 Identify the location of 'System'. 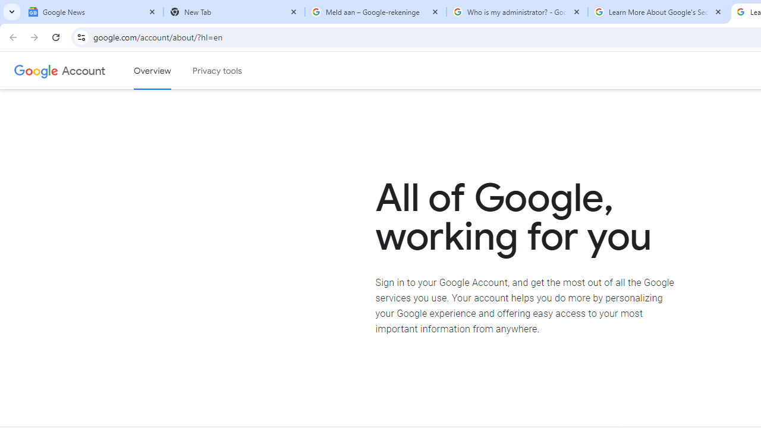
(6, 7).